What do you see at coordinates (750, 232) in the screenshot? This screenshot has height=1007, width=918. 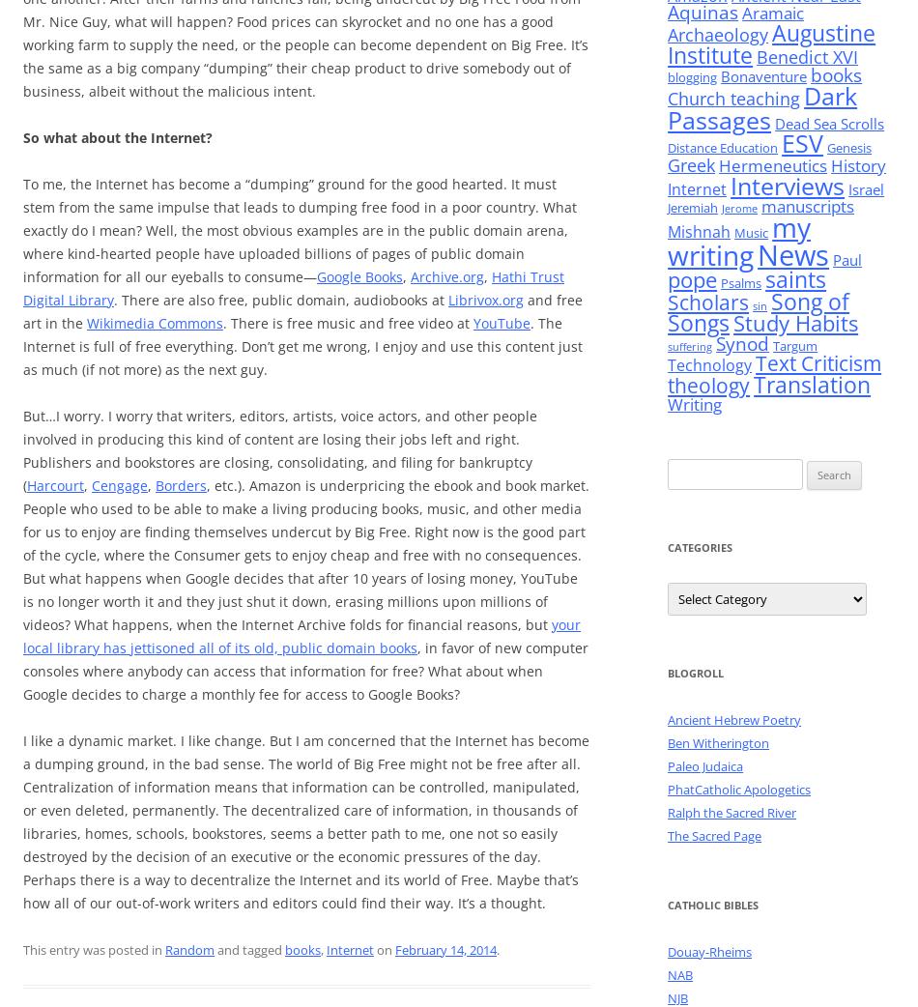 I see `'Music'` at bounding box center [750, 232].